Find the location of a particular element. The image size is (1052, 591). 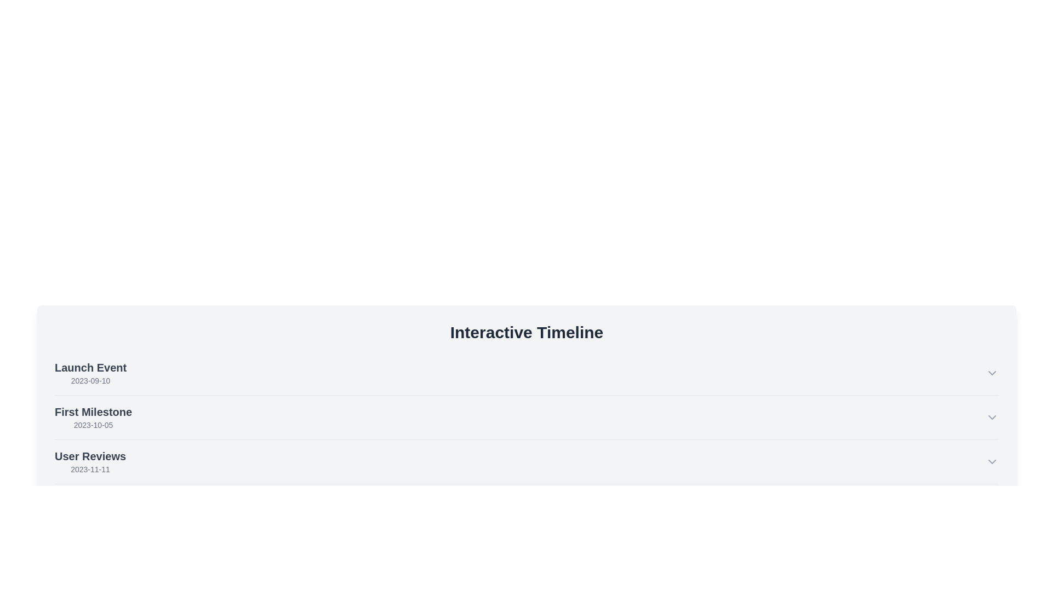

the Text label that serves as a heading for a timeline entry, located below 'Launch Event' and 'First Milestone' and grouped with the date '2023-11-11' is located at coordinates (90, 456).